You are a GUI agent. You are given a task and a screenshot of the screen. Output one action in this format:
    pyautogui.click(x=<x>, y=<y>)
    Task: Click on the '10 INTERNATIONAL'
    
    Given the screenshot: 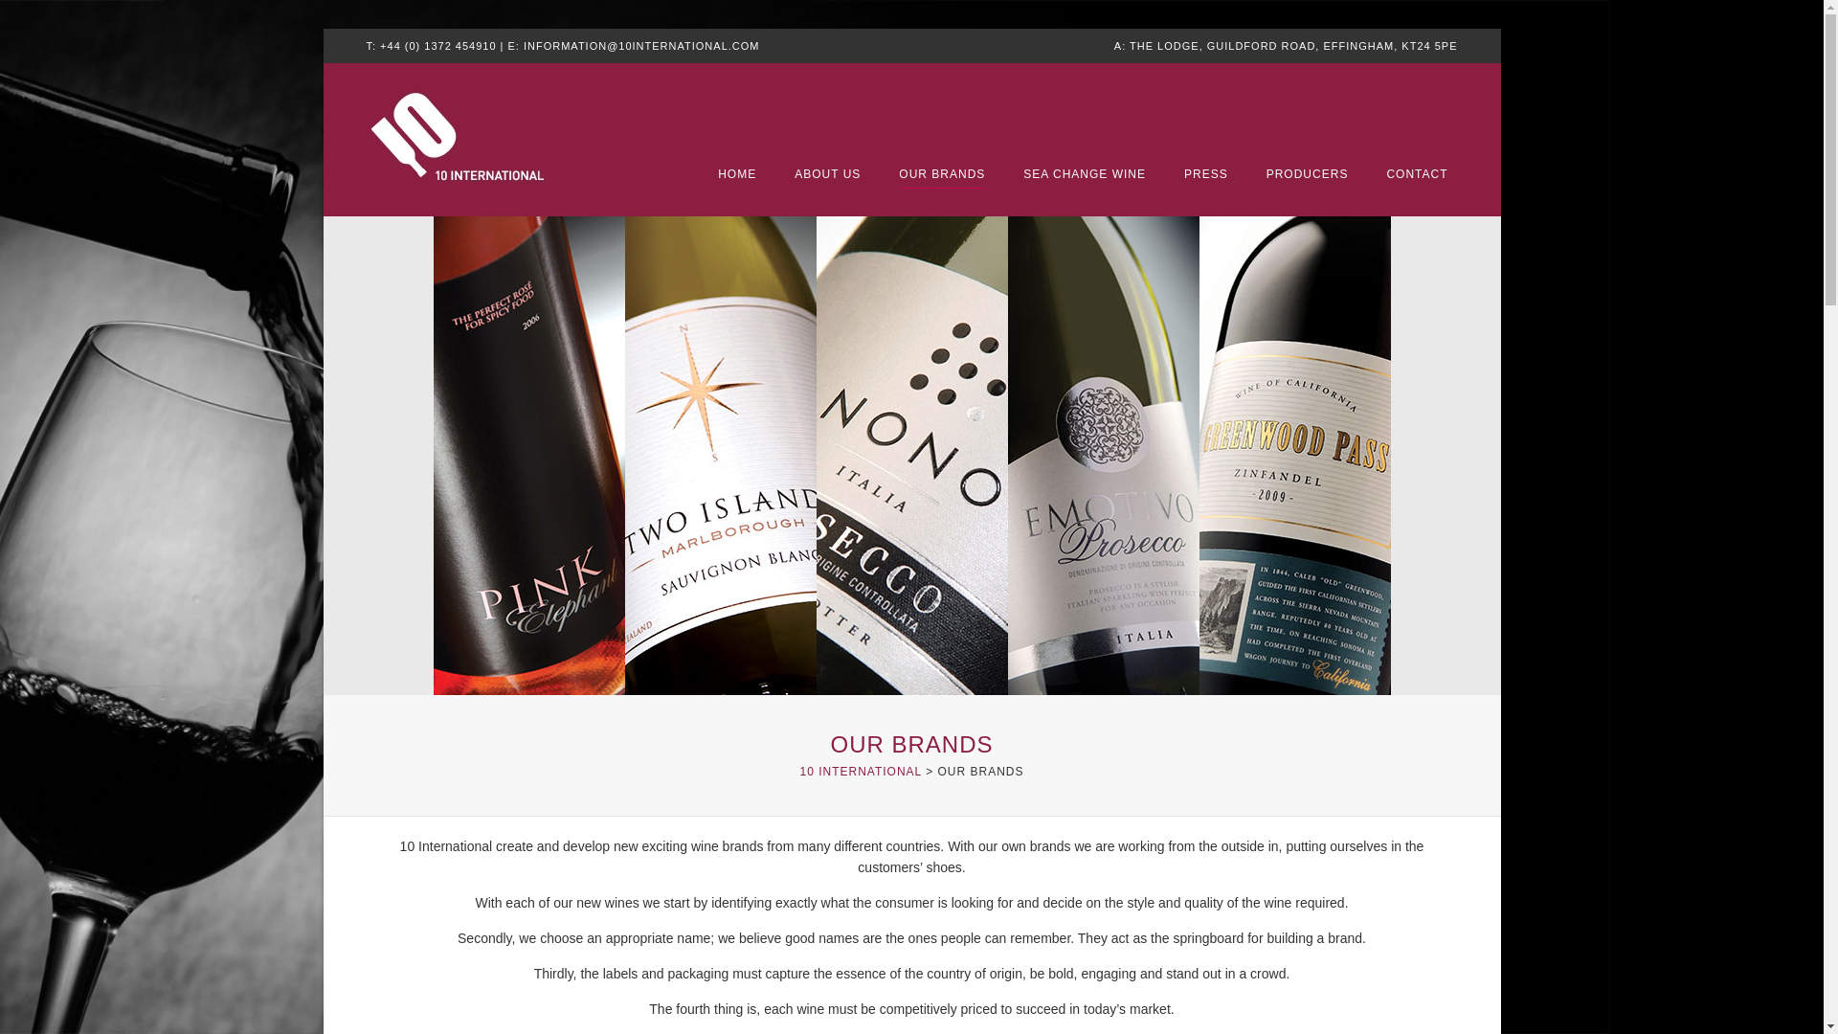 What is the action you would take?
    pyautogui.click(x=859, y=771)
    